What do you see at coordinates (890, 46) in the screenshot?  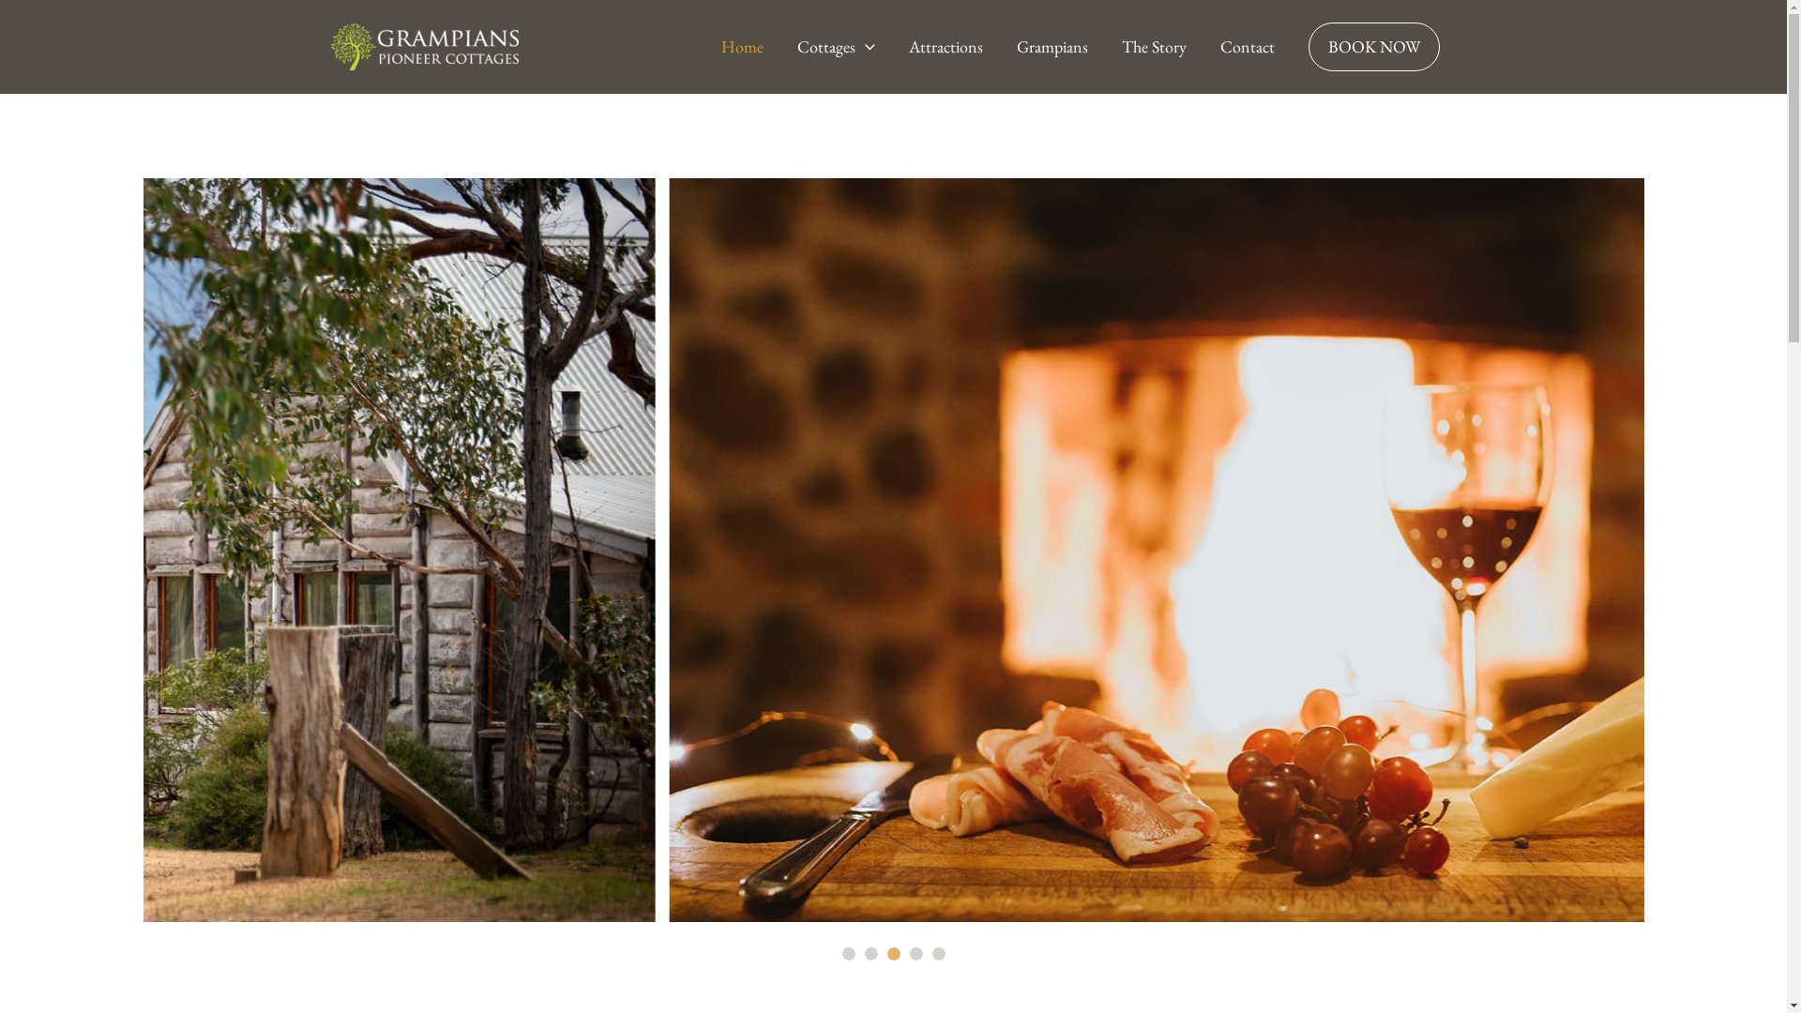 I see `'Attractions'` at bounding box center [890, 46].